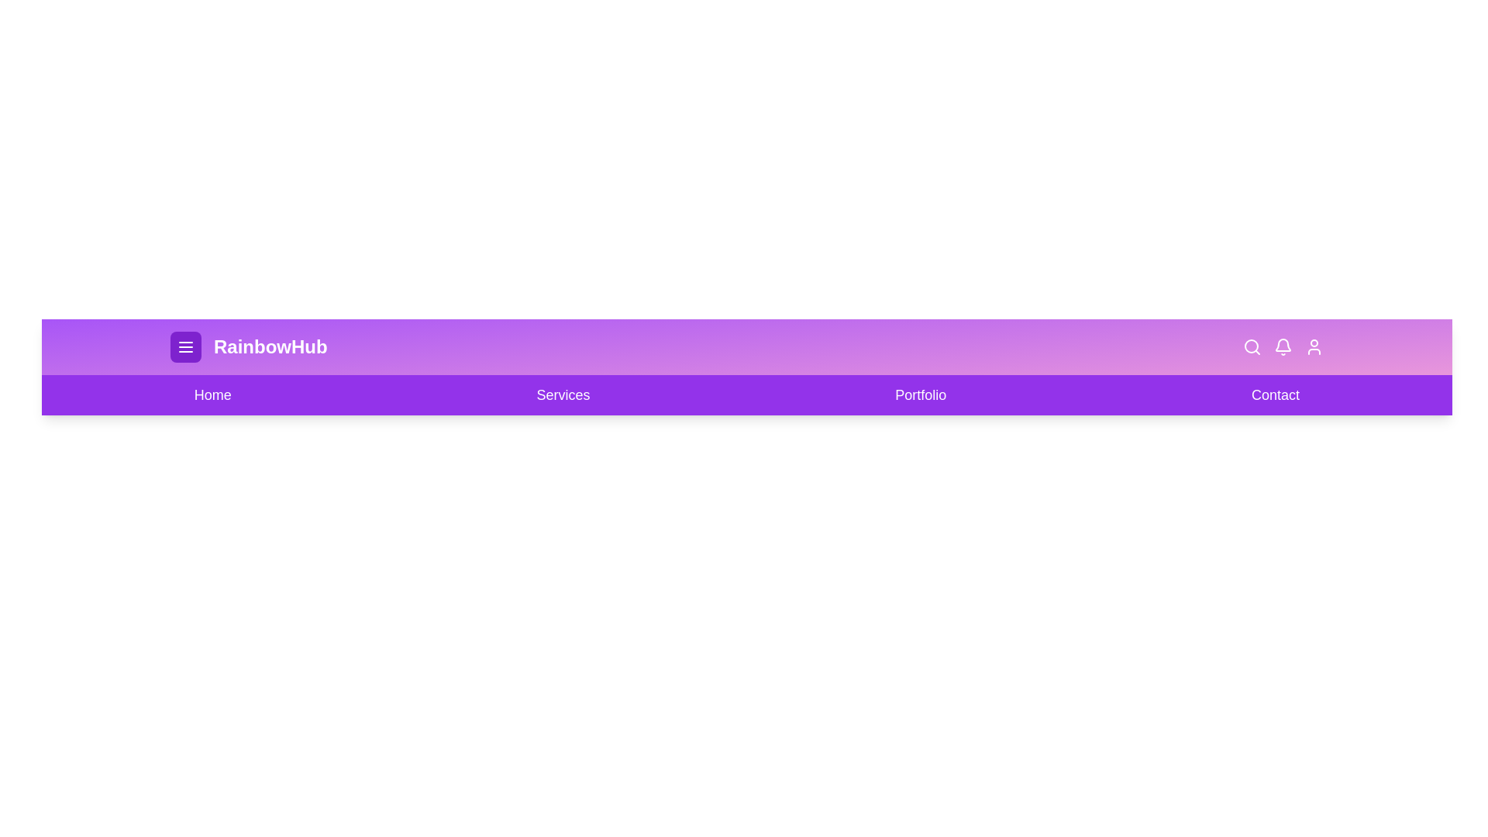 This screenshot has height=837, width=1488. I want to click on the navigation link labeled 'Portfolio' to navigate to the corresponding section, so click(921, 394).